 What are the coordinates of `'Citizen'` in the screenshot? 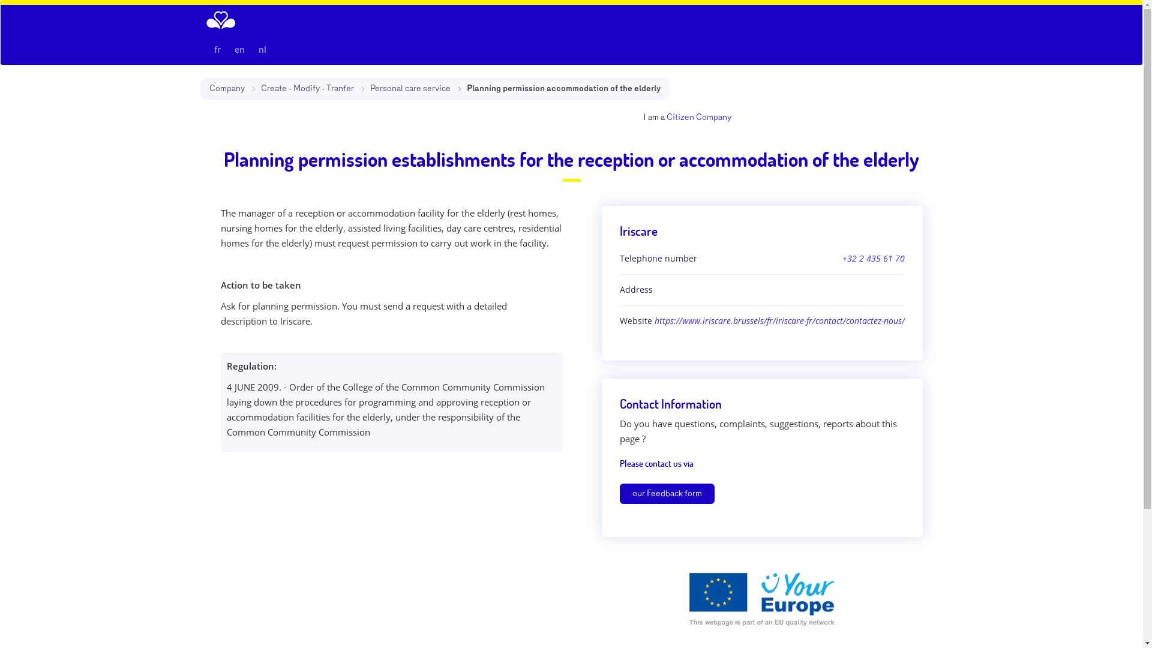 It's located at (679, 117).